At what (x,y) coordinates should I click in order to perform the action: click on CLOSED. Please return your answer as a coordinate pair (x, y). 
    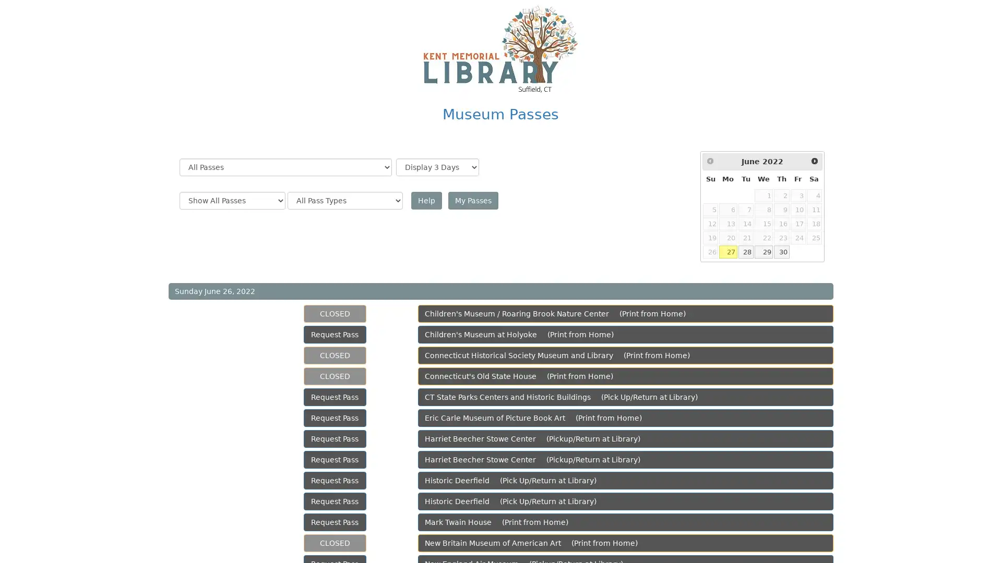
    Looking at the image, I should click on (335, 542).